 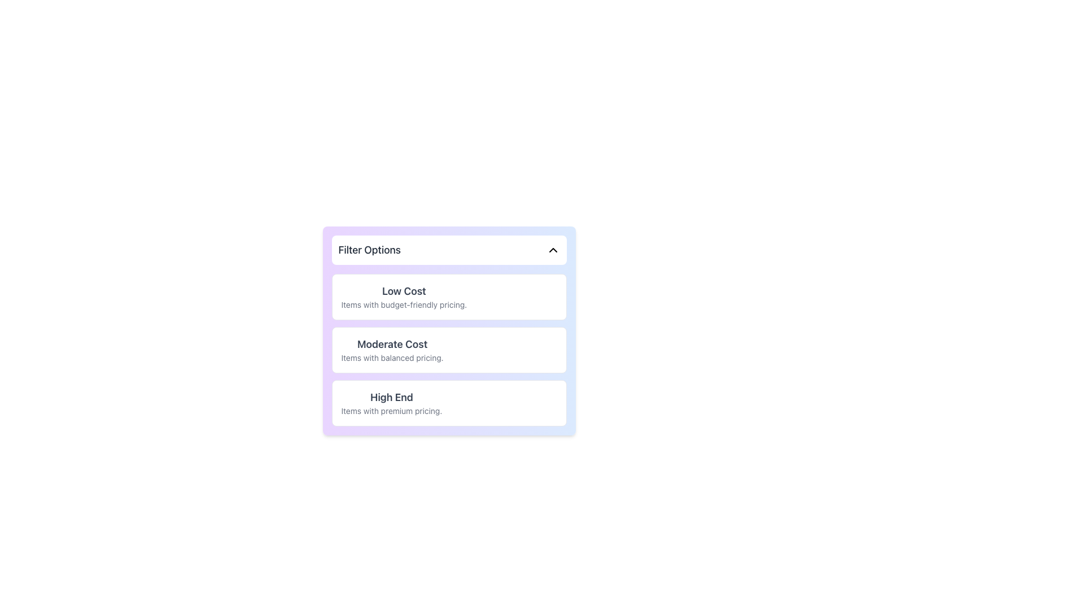 I want to click on the first filter option labeled 'Low Cost' which is a button-like interactive component with two lines of text, so click(x=448, y=296).